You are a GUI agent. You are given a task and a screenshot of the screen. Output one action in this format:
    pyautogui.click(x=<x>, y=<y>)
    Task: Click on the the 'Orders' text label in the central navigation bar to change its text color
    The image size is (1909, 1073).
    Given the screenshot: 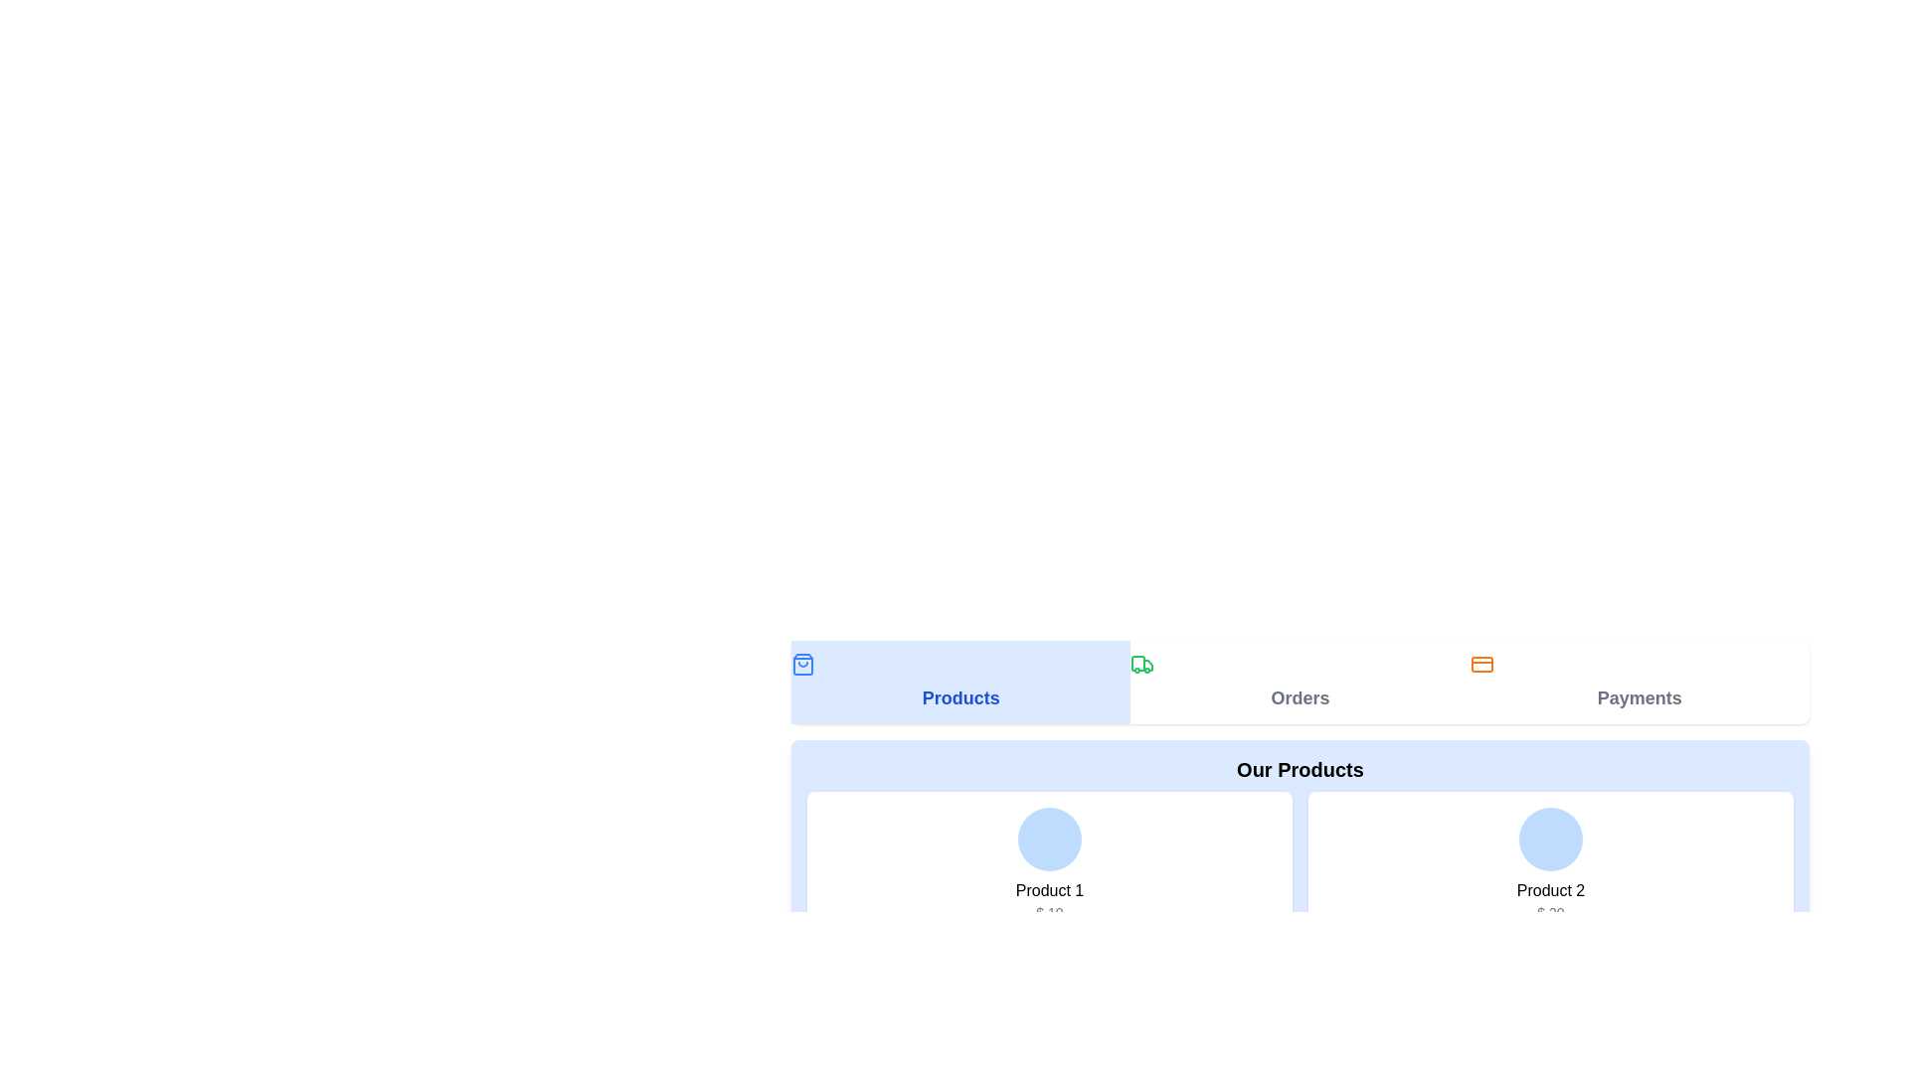 What is the action you would take?
    pyautogui.click(x=1300, y=696)
    